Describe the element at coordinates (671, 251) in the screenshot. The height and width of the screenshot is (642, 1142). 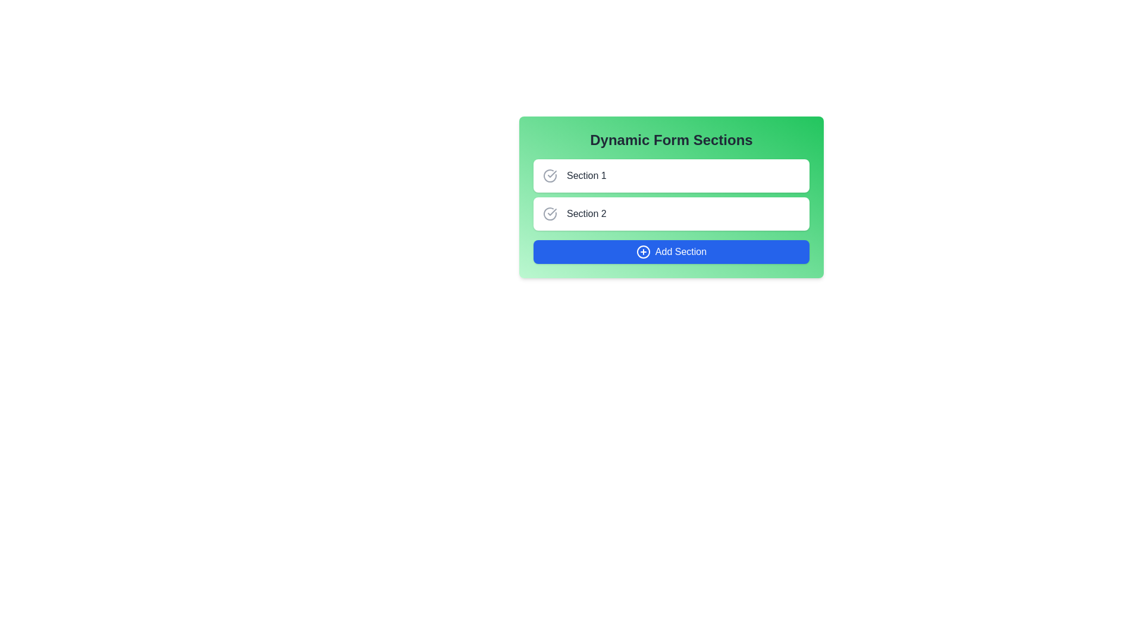
I see `the 'Add Section' button, which has a blue background and white text` at that location.